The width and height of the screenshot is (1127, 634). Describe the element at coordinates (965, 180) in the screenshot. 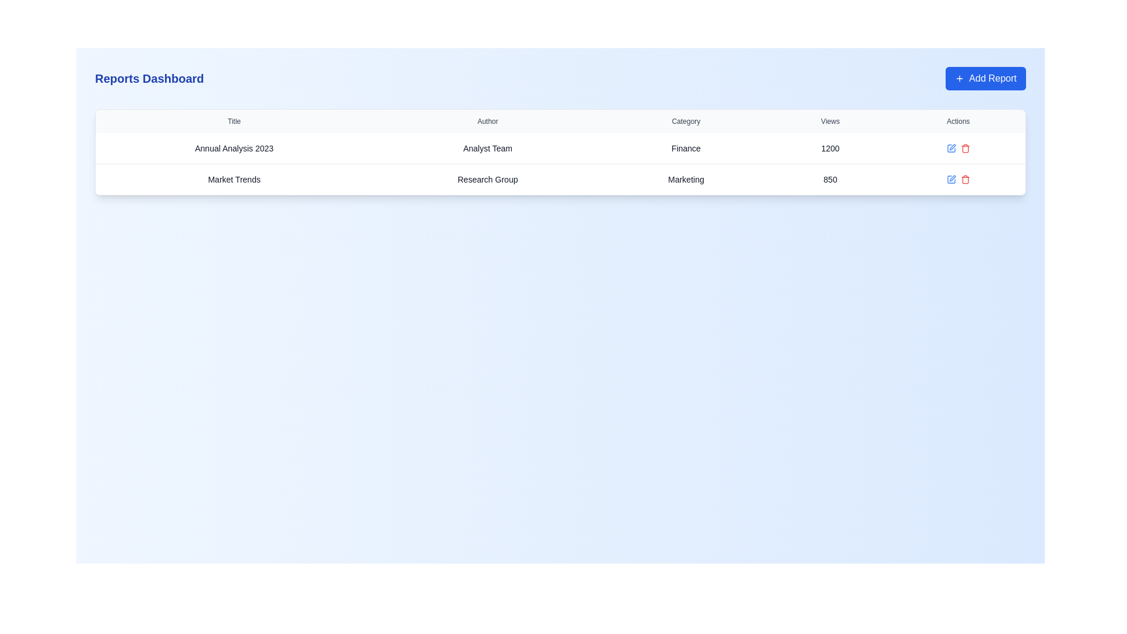

I see `the trash icon in the second row under the 'Actions' column of the table` at that location.